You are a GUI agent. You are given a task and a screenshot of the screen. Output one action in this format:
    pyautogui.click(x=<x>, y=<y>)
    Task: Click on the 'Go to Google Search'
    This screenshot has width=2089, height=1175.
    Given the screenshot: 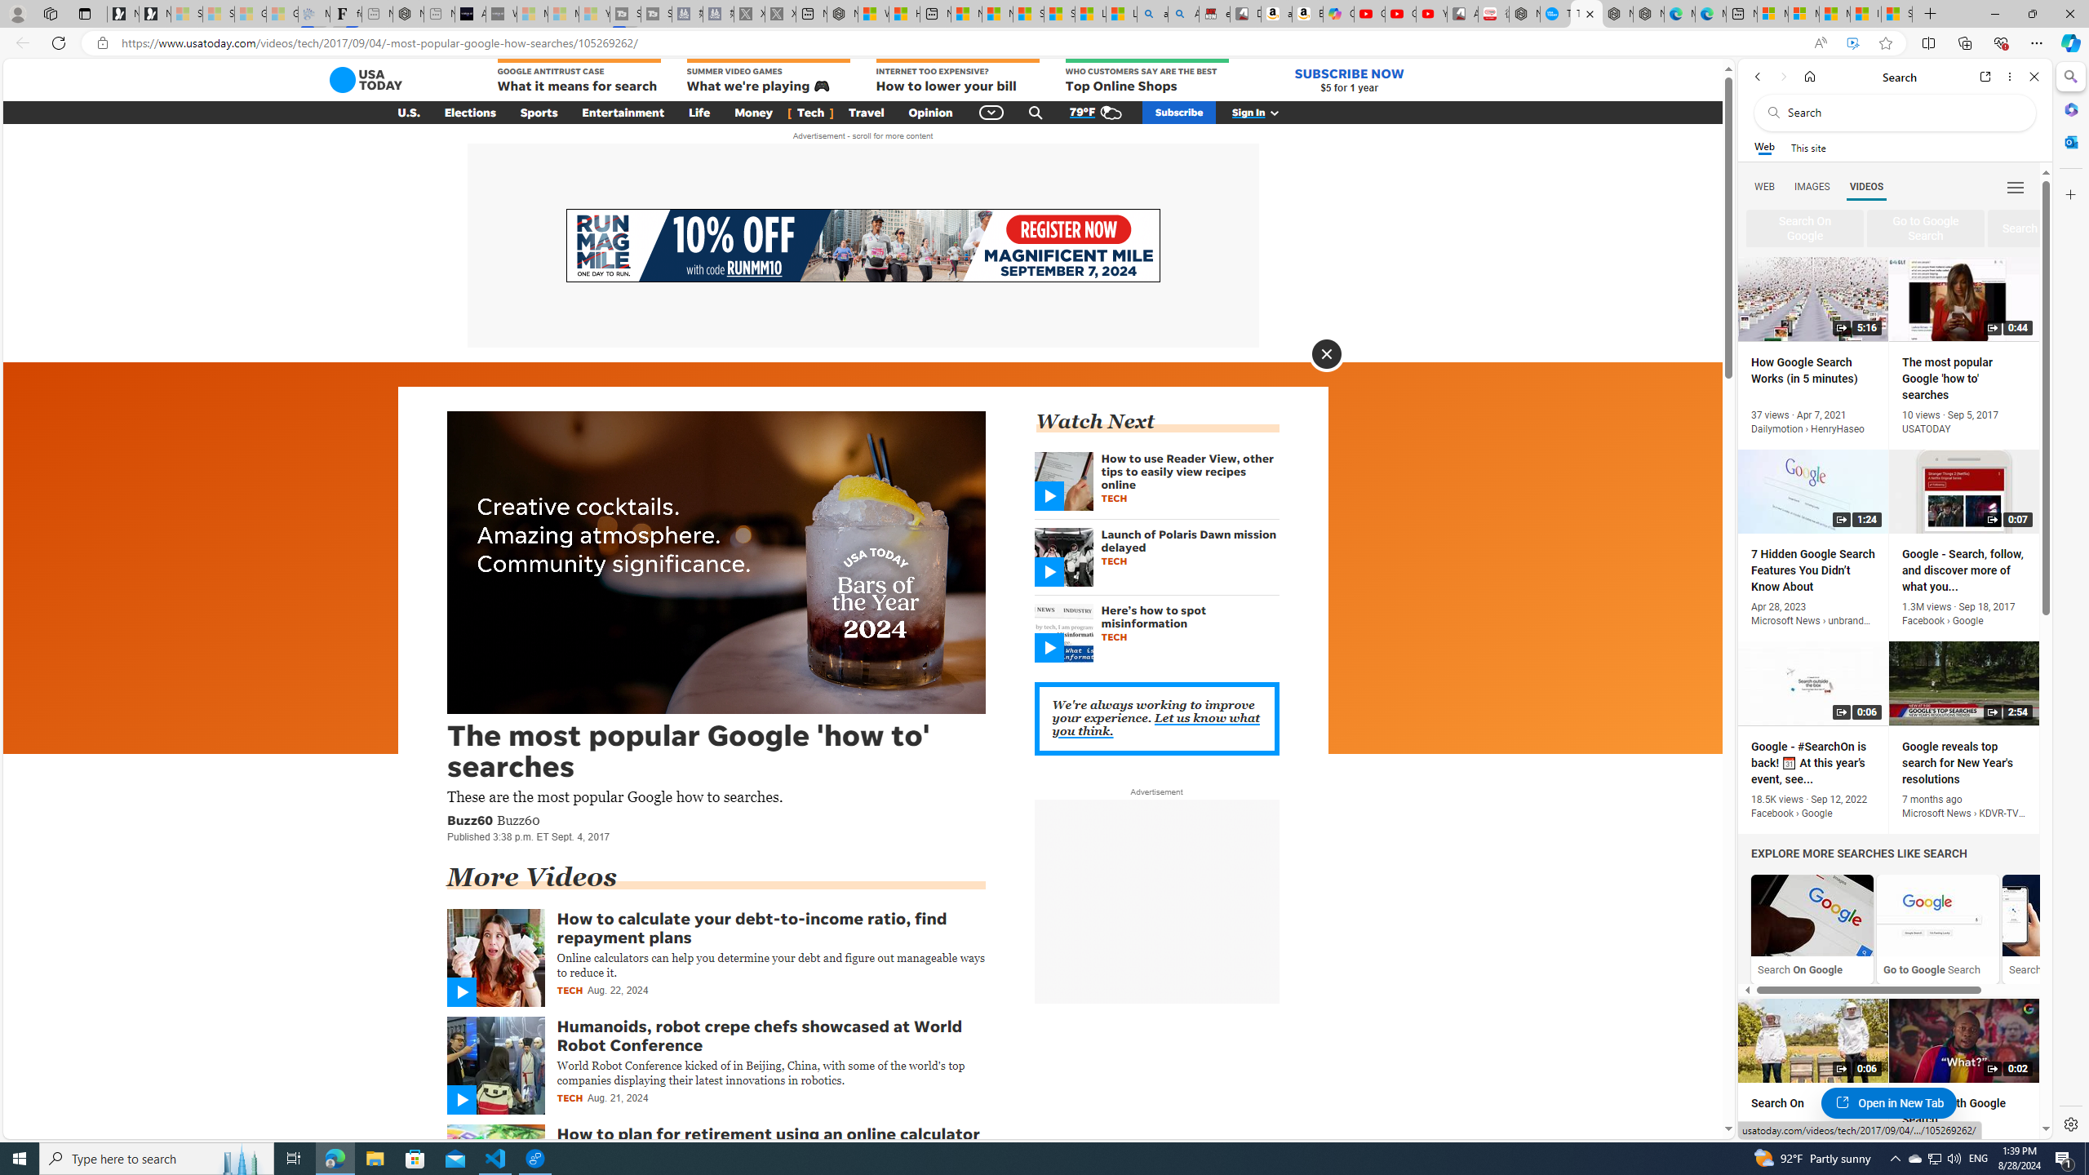 What is the action you would take?
    pyautogui.click(x=1936, y=915)
    